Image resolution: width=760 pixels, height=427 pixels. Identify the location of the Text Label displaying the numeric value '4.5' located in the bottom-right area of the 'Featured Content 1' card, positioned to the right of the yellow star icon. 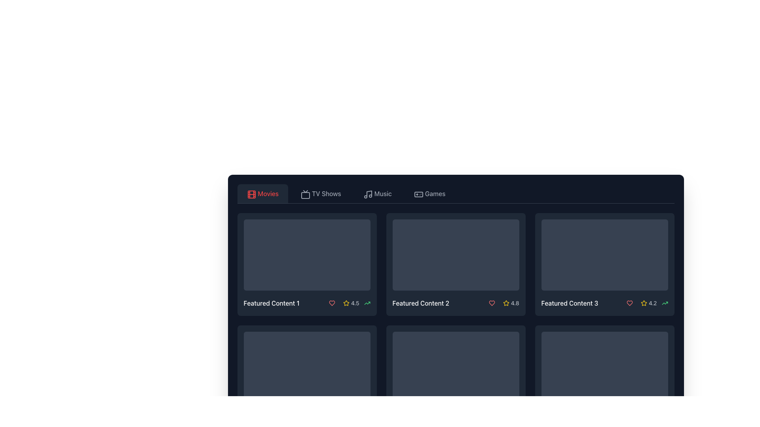
(355, 303).